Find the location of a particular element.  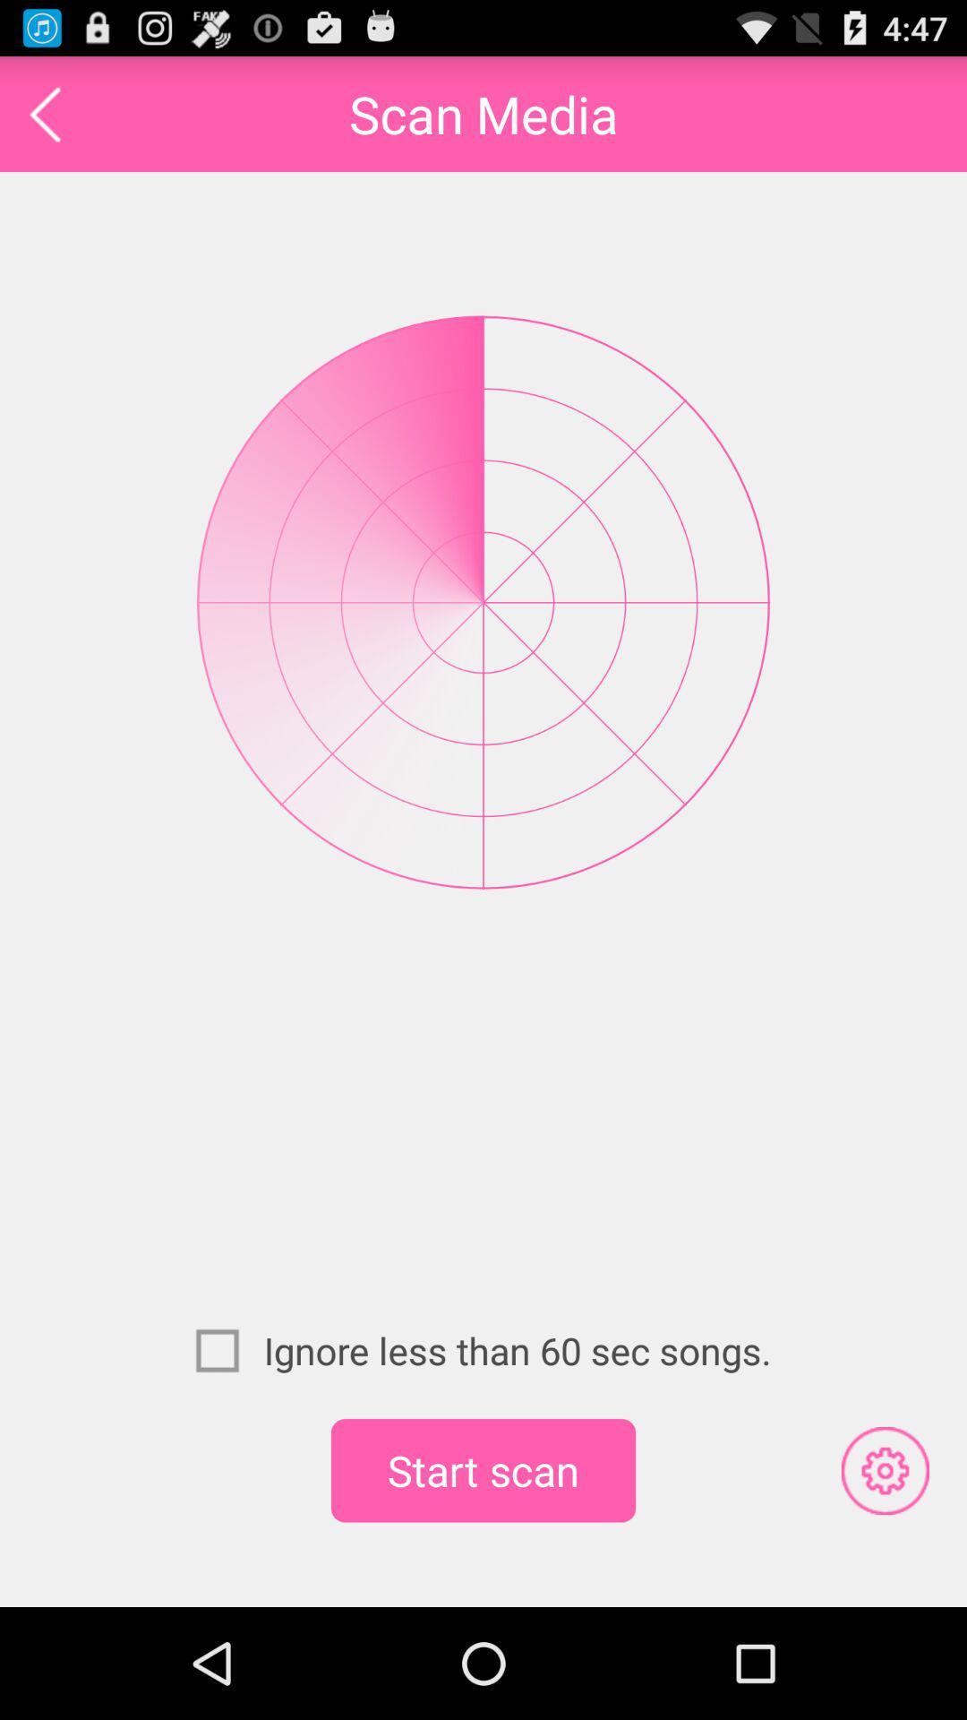

icon next to the ignore less than is located at coordinates (228, 1350).